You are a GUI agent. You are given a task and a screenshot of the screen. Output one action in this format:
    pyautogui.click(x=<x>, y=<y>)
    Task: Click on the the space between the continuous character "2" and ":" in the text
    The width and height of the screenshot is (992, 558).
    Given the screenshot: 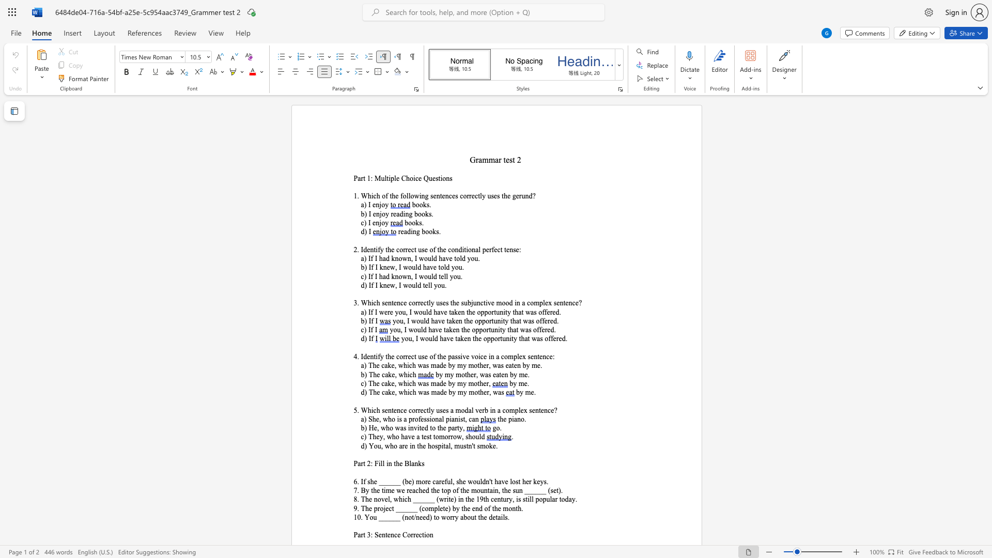 What is the action you would take?
    pyautogui.click(x=370, y=463)
    